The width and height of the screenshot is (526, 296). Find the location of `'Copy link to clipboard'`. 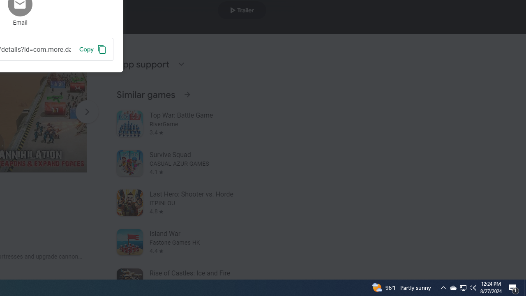

'Copy link to clipboard' is located at coordinates (92, 49).